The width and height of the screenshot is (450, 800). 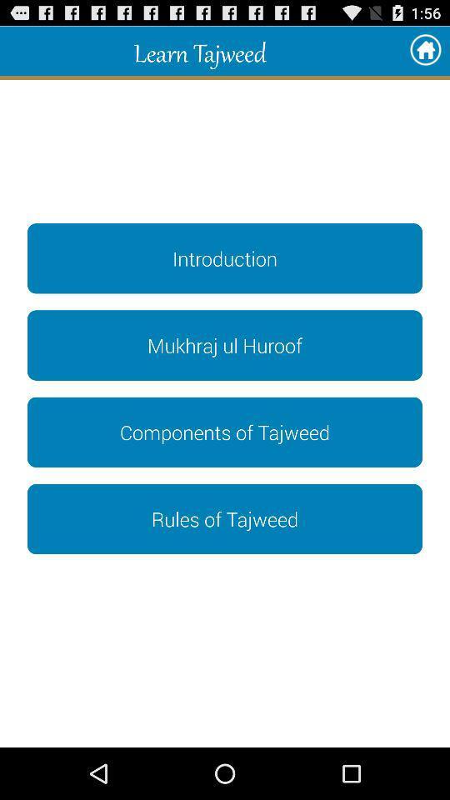 I want to click on item at the top right corner, so click(x=425, y=51).